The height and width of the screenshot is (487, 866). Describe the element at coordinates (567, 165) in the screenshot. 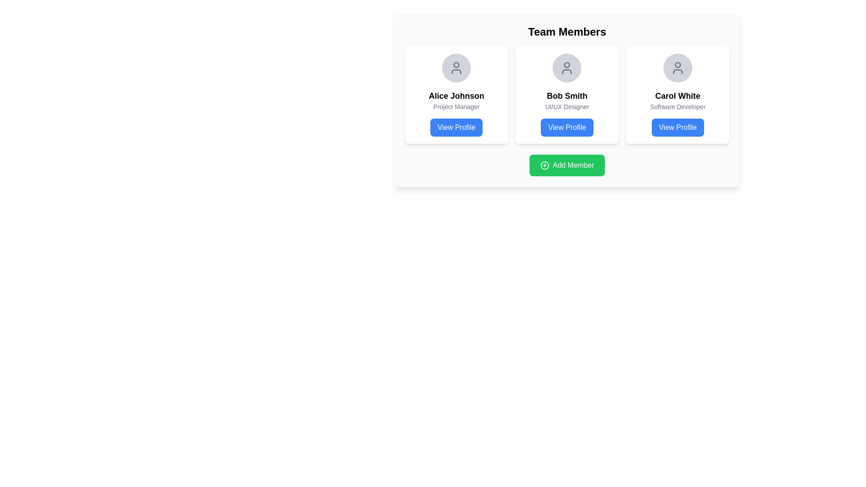

I see `the 'Add Member' button with a green background and white text located at the bottom center of the 'Team Members' section` at that location.